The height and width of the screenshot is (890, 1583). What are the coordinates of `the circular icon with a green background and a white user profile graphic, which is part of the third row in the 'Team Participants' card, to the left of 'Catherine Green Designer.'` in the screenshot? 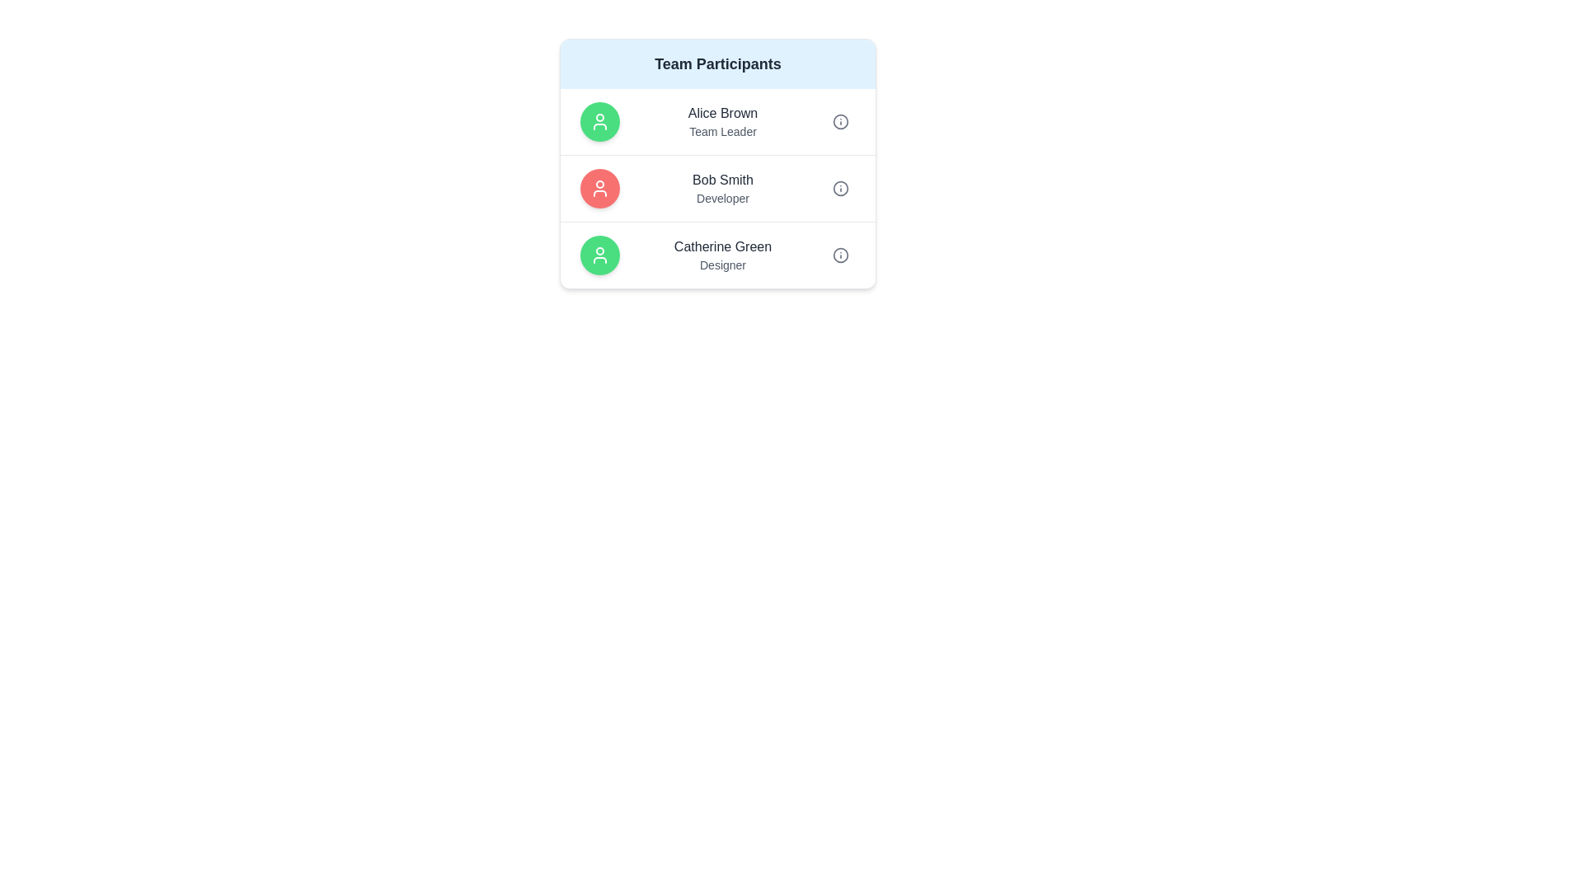 It's located at (599, 255).